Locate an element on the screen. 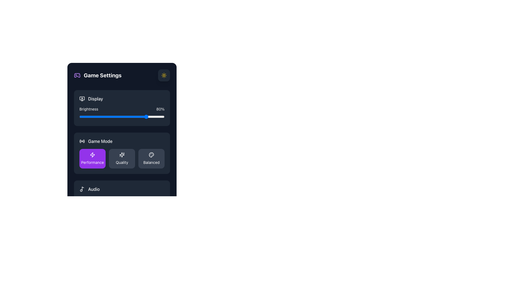  brightness is located at coordinates (84, 116).